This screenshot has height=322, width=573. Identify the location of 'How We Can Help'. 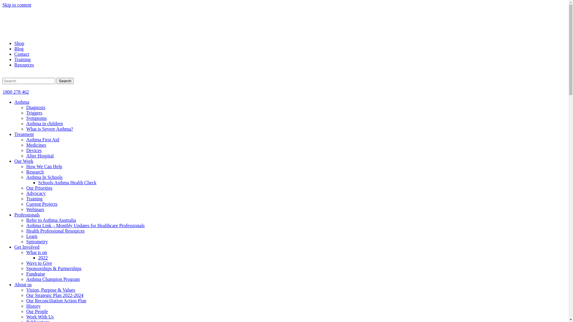
(26, 166).